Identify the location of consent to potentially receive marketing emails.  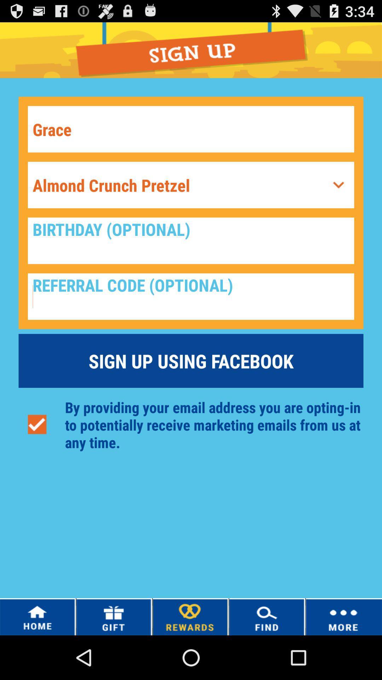
(37, 425).